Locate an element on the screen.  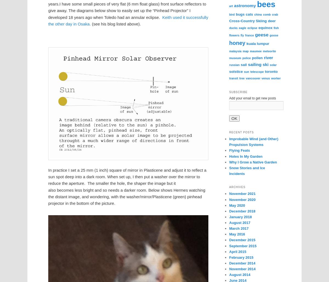
'goose' is located at coordinates (274, 35).